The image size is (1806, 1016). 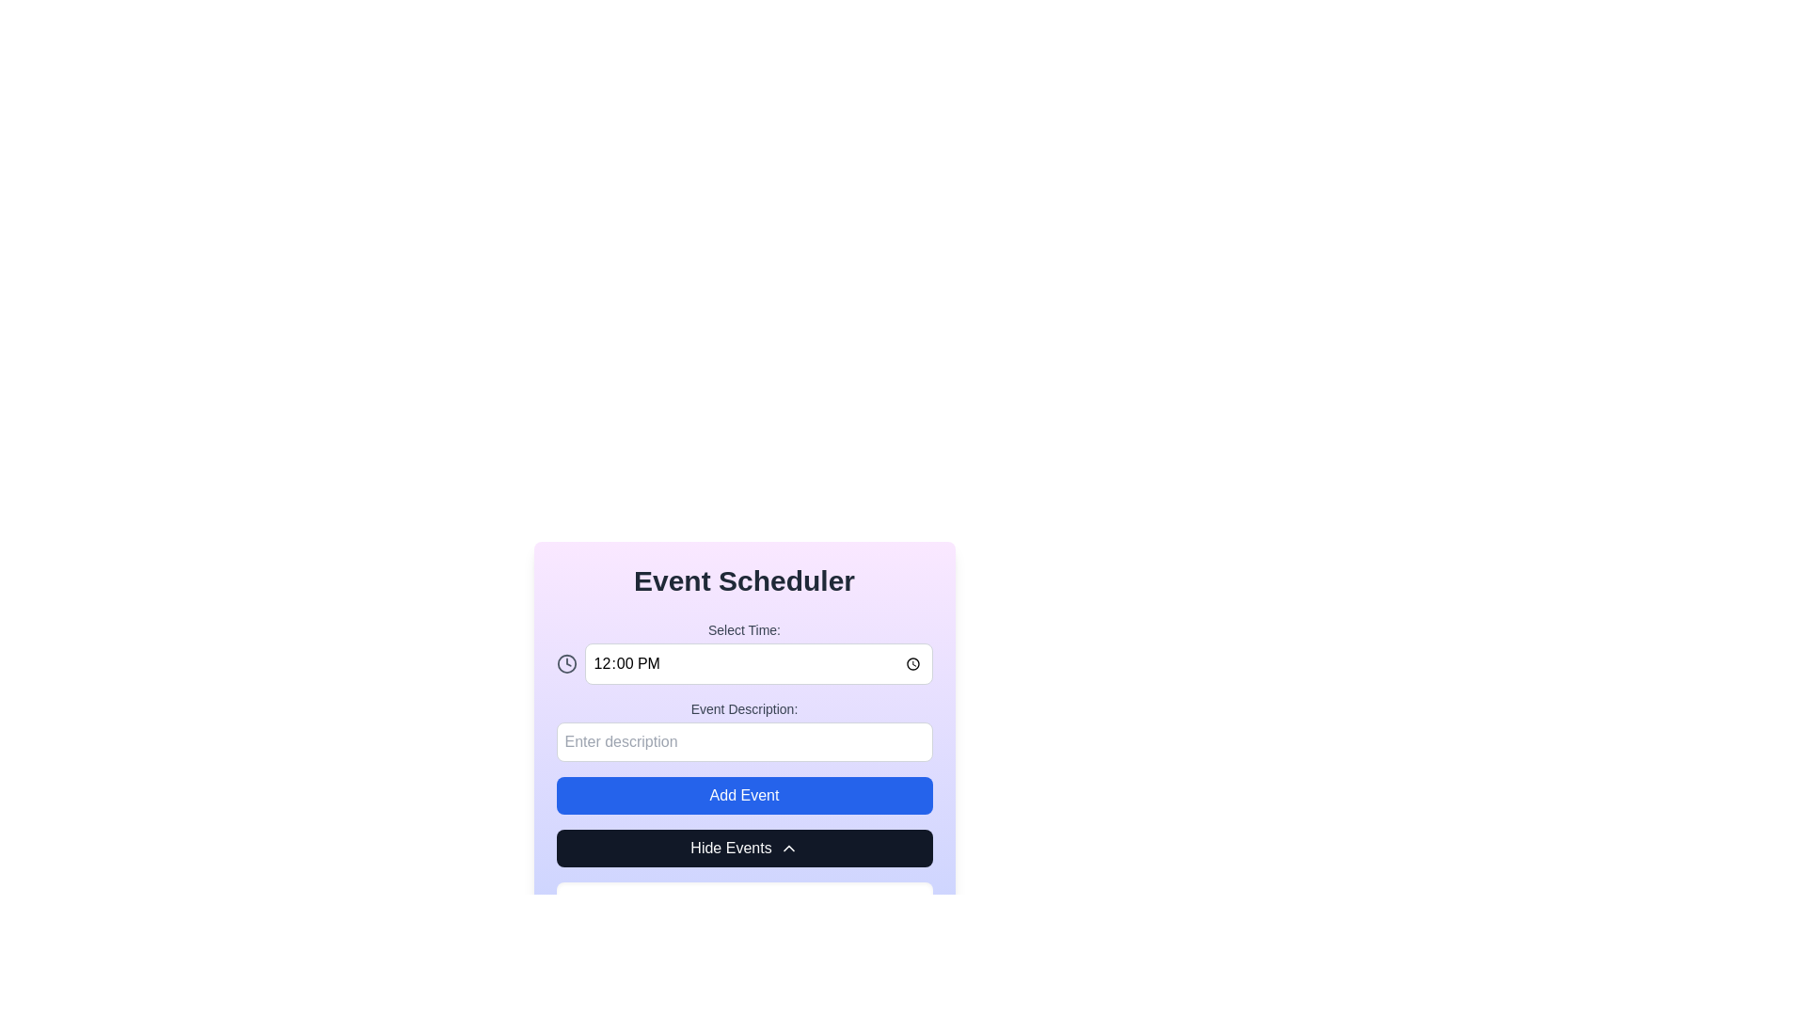 What do you see at coordinates (565, 662) in the screenshot?
I see `the time input icon located in the 'Select Time' section, which is to the left of the time input field displaying '12:00 PM'` at bounding box center [565, 662].